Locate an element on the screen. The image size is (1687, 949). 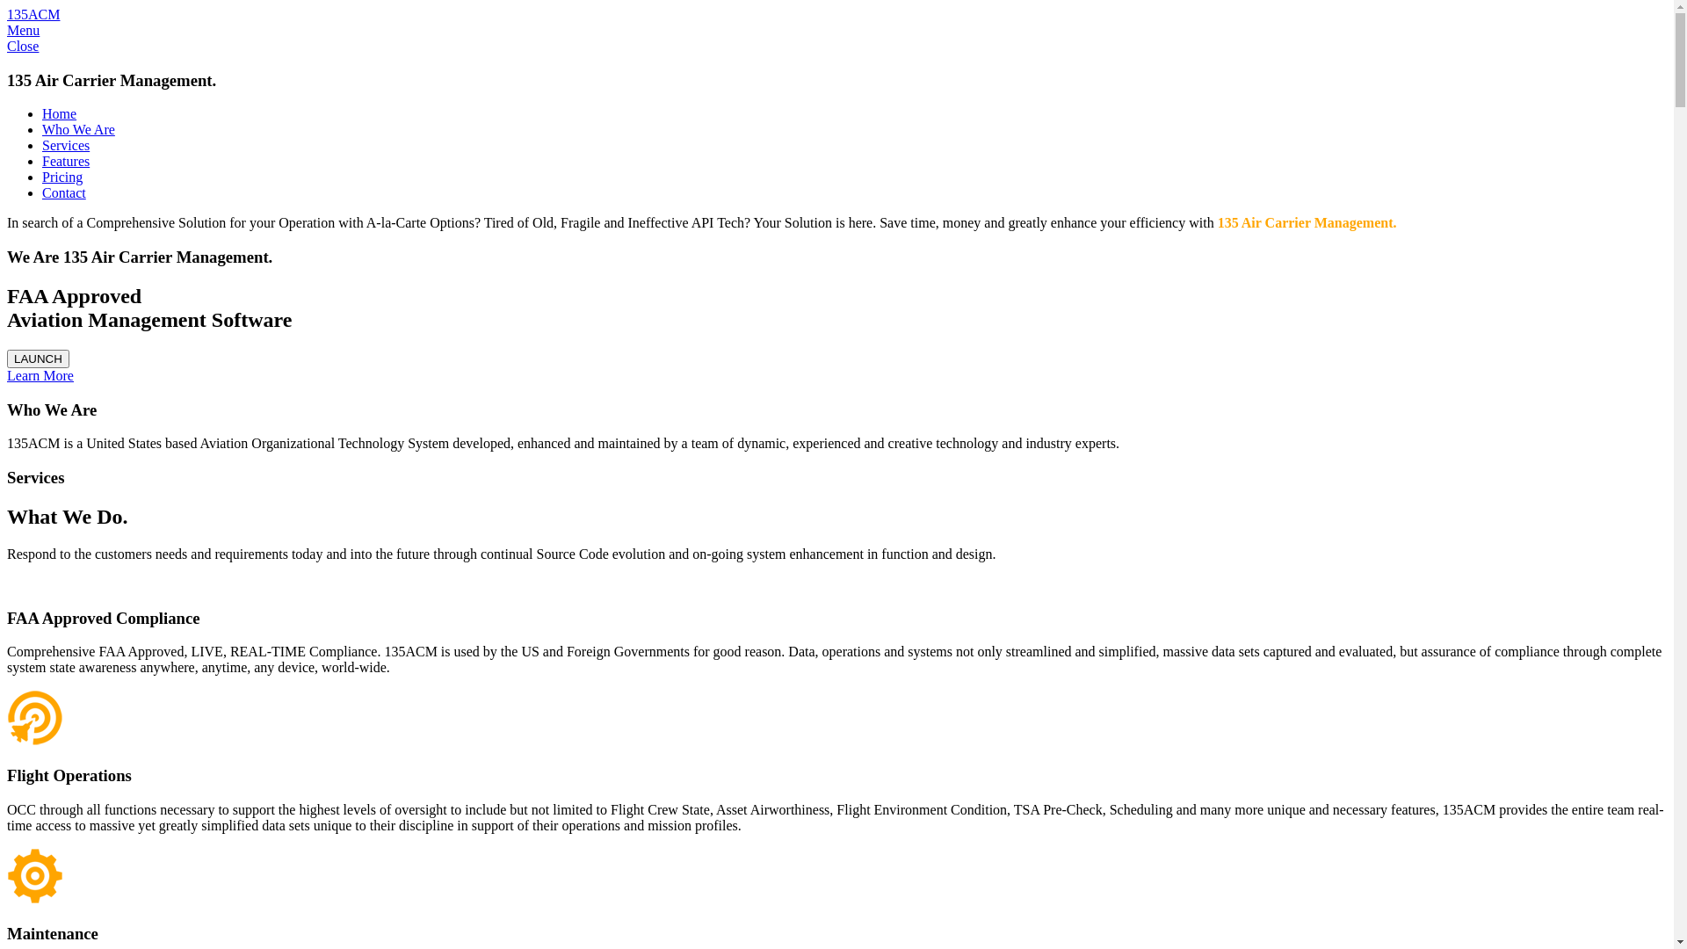
'Learn More' is located at coordinates (40, 374).